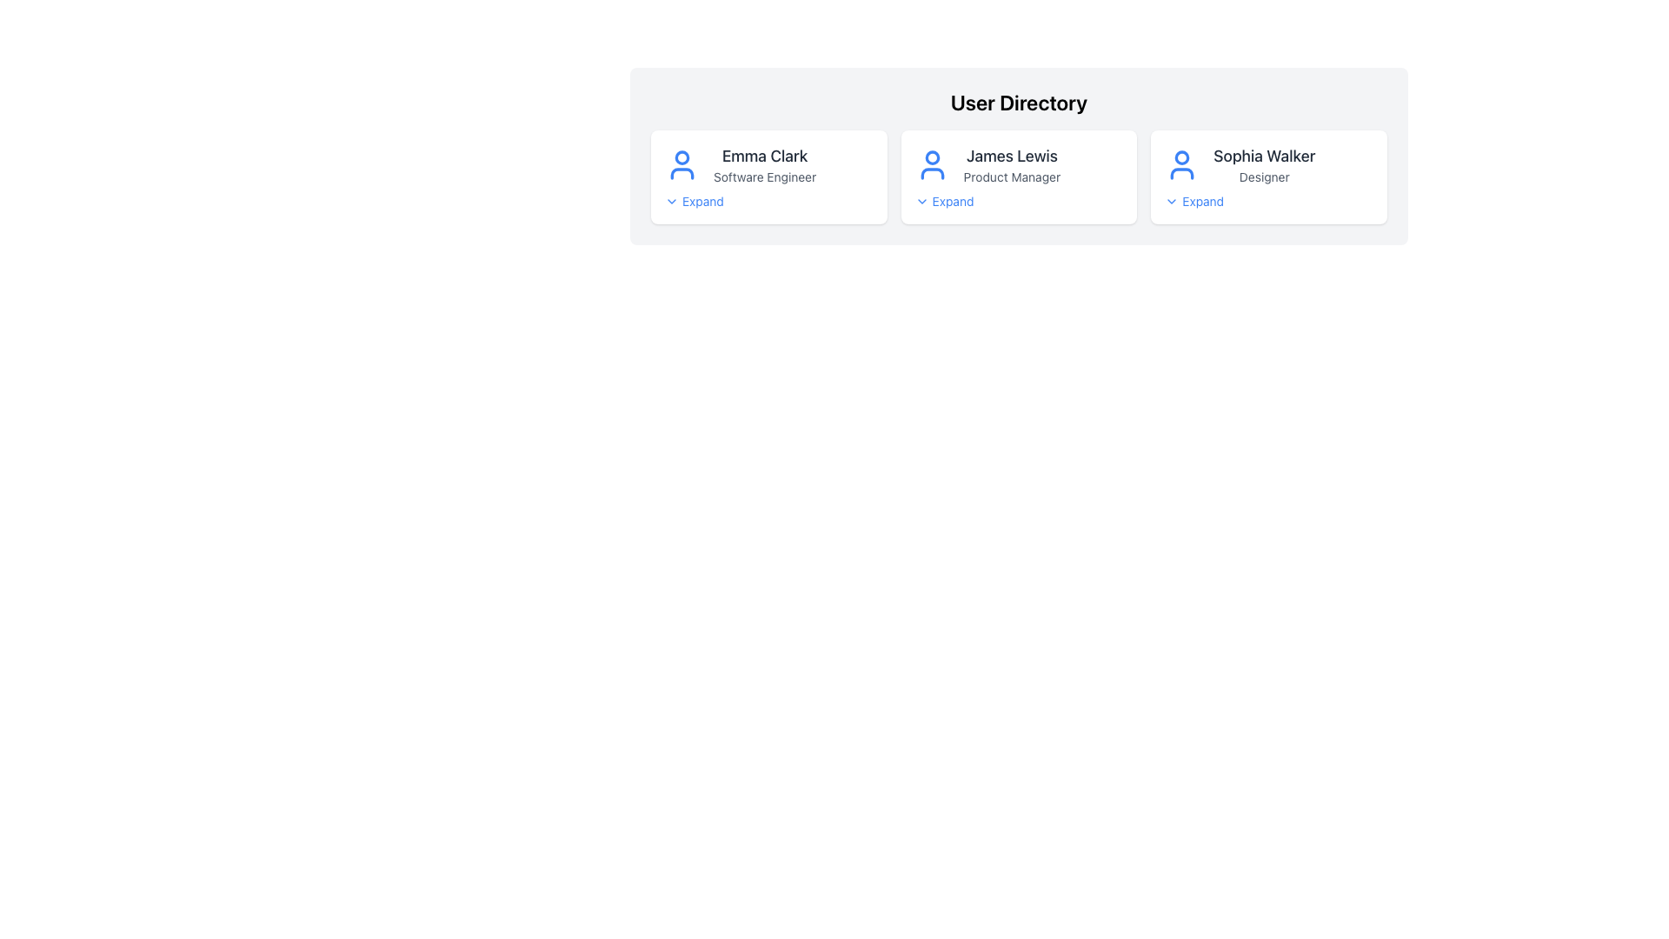 The width and height of the screenshot is (1669, 939). What do you see at coordinates (1264, 156) in the screenshot?
I see `the text label displaying the name 'Sophia Walker', which is visually distinct with a large font size and dark gray color, located in the rightmost column of the user cards layout` at bounding box center [1264, 156].